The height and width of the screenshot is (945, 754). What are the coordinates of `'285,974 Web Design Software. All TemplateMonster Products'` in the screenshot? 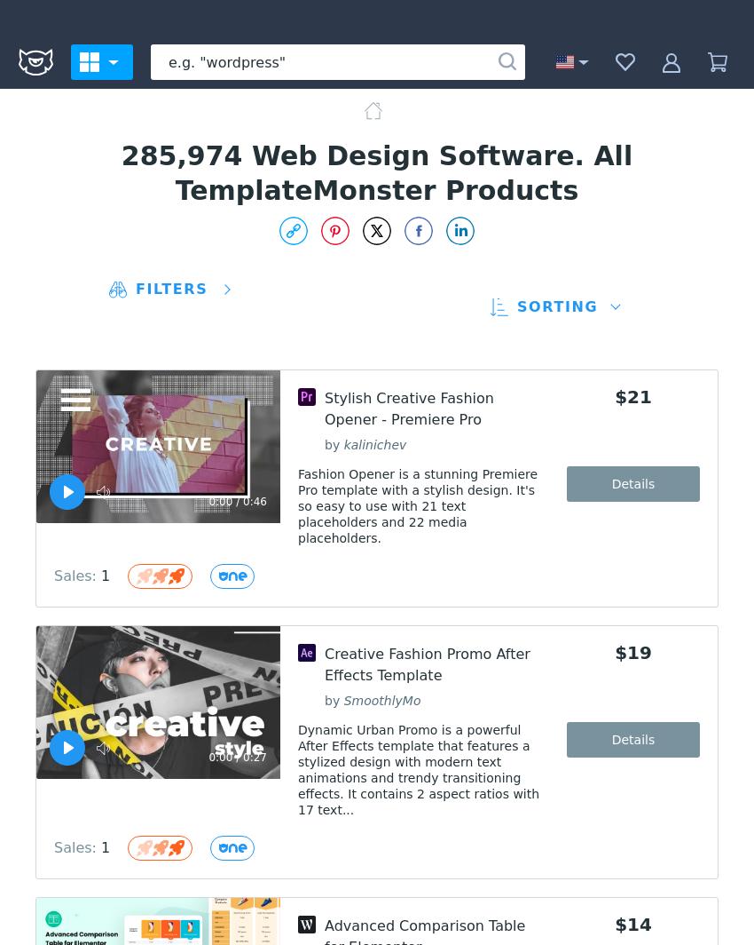 It's located at (376, 173).